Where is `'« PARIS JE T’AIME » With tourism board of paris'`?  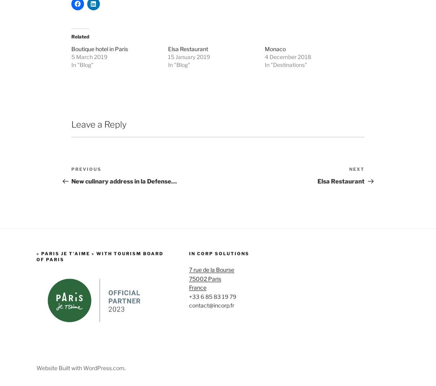
'« PARIS JE T’AIME » With tourism board of paris' is located at coordinates (100, 321).